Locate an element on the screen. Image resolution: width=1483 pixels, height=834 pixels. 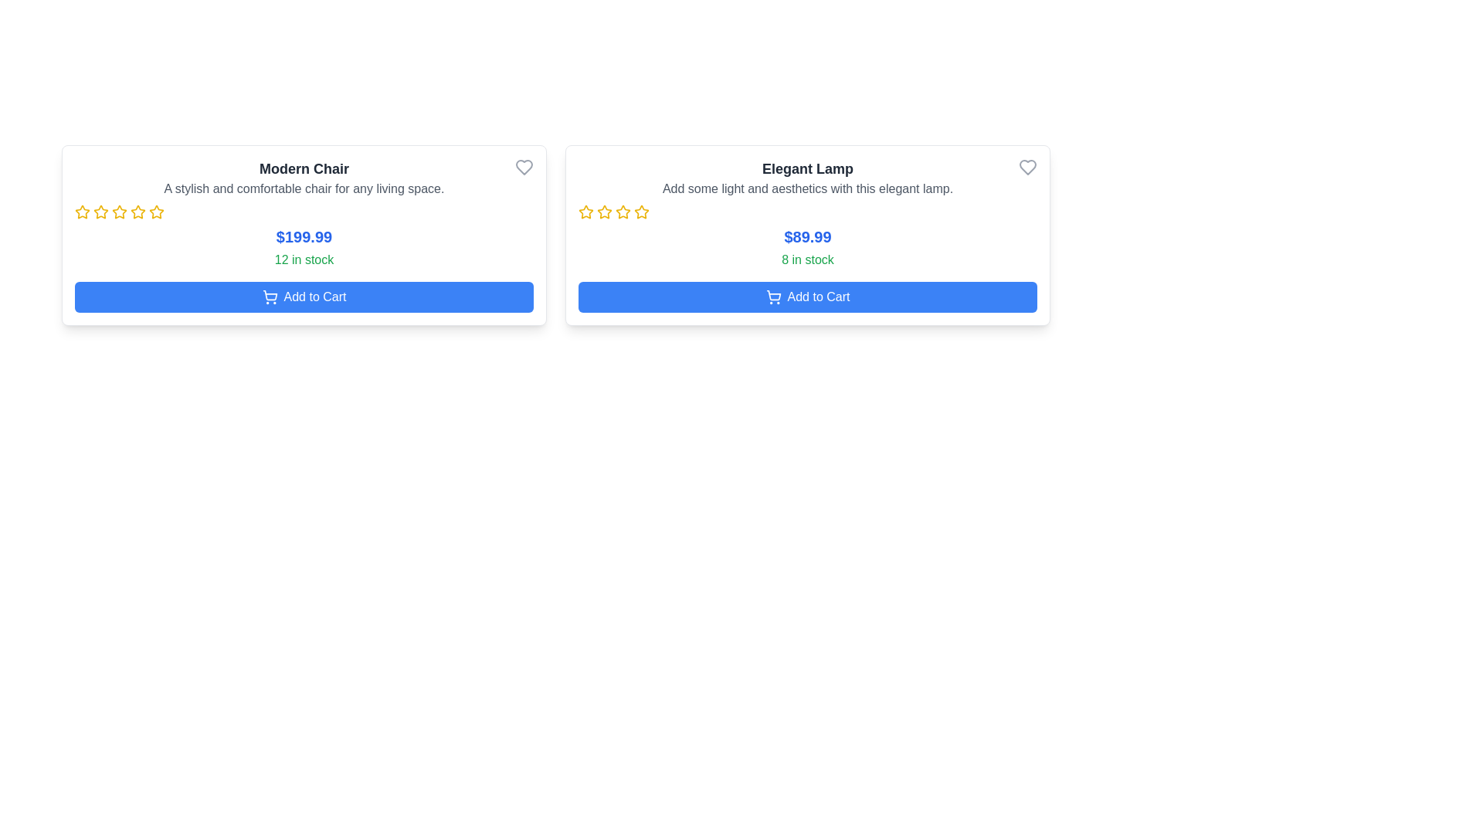
second star icon in the product rating section located beneath the title 'Modern Chair' for visual information is located at coordinates (100, 212).